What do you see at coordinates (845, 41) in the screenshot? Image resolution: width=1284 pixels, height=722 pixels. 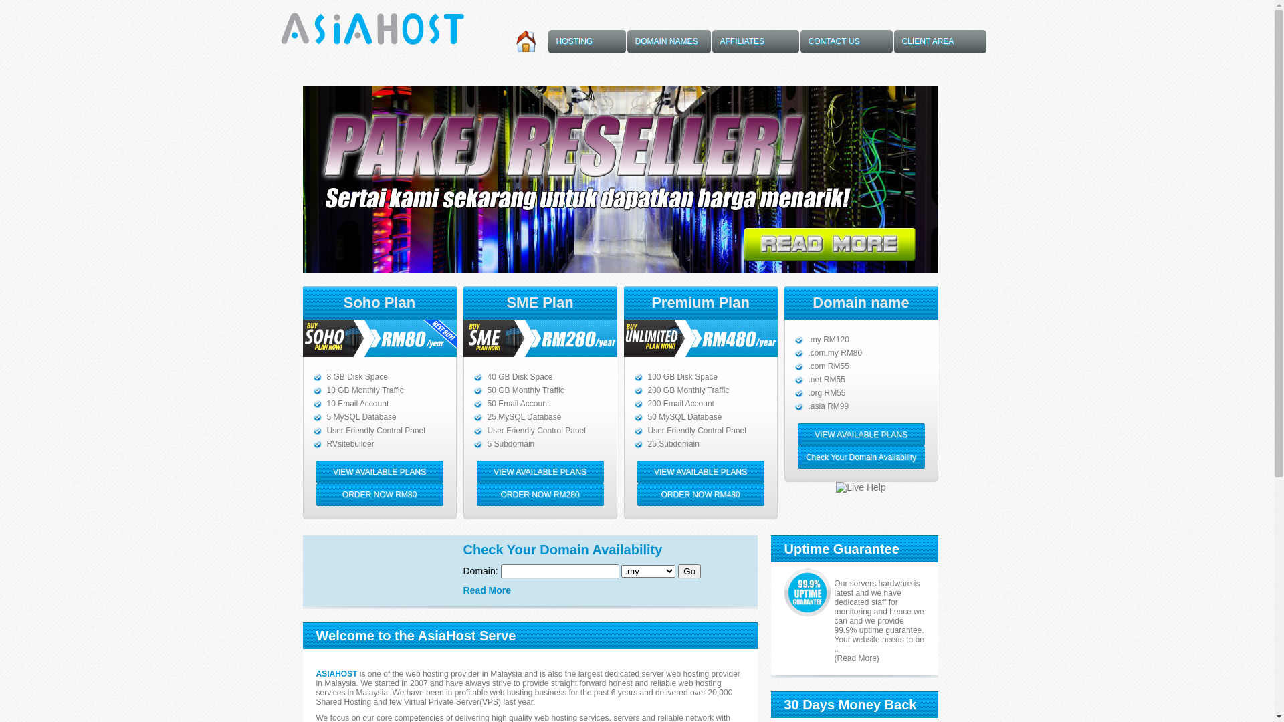 I see `'CONTACT US'` at bounding box center [845, 41].